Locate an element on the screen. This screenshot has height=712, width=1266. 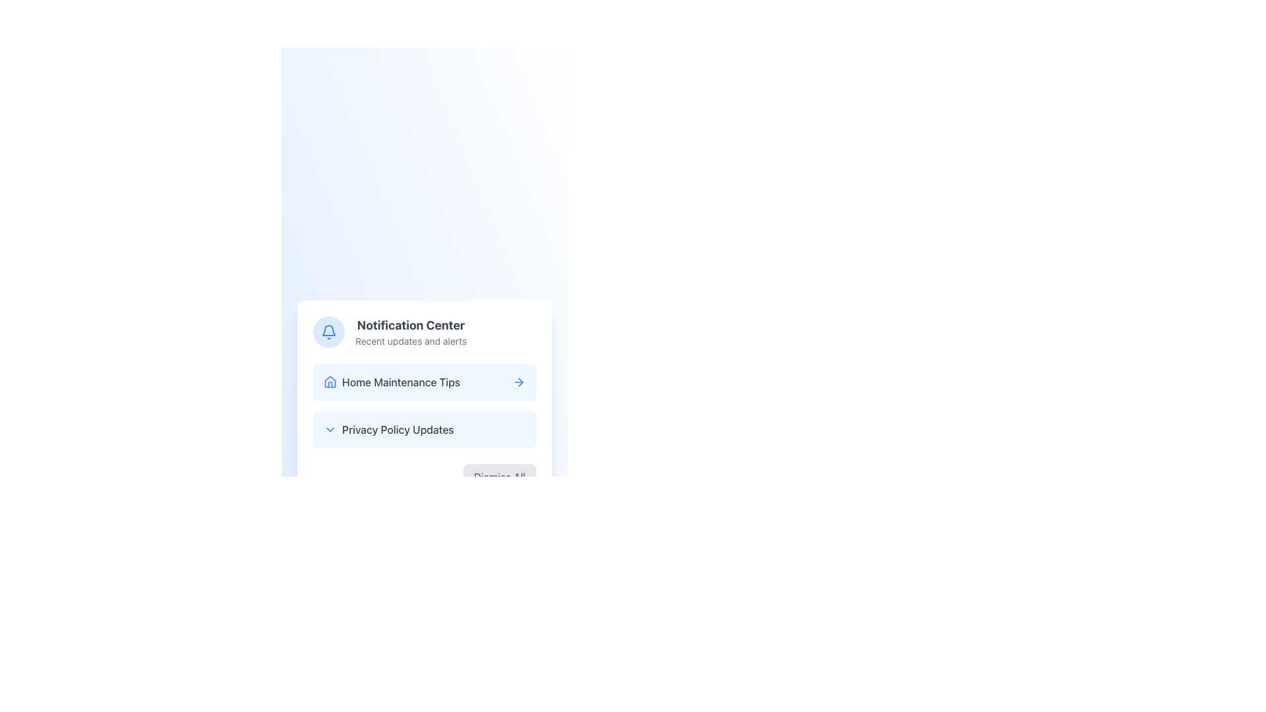
the 'Privacy Policy Updates' text label which is located to the right of the blue downward-facing arrow icon in the Notification Center section is located at coordinates (397, 429).